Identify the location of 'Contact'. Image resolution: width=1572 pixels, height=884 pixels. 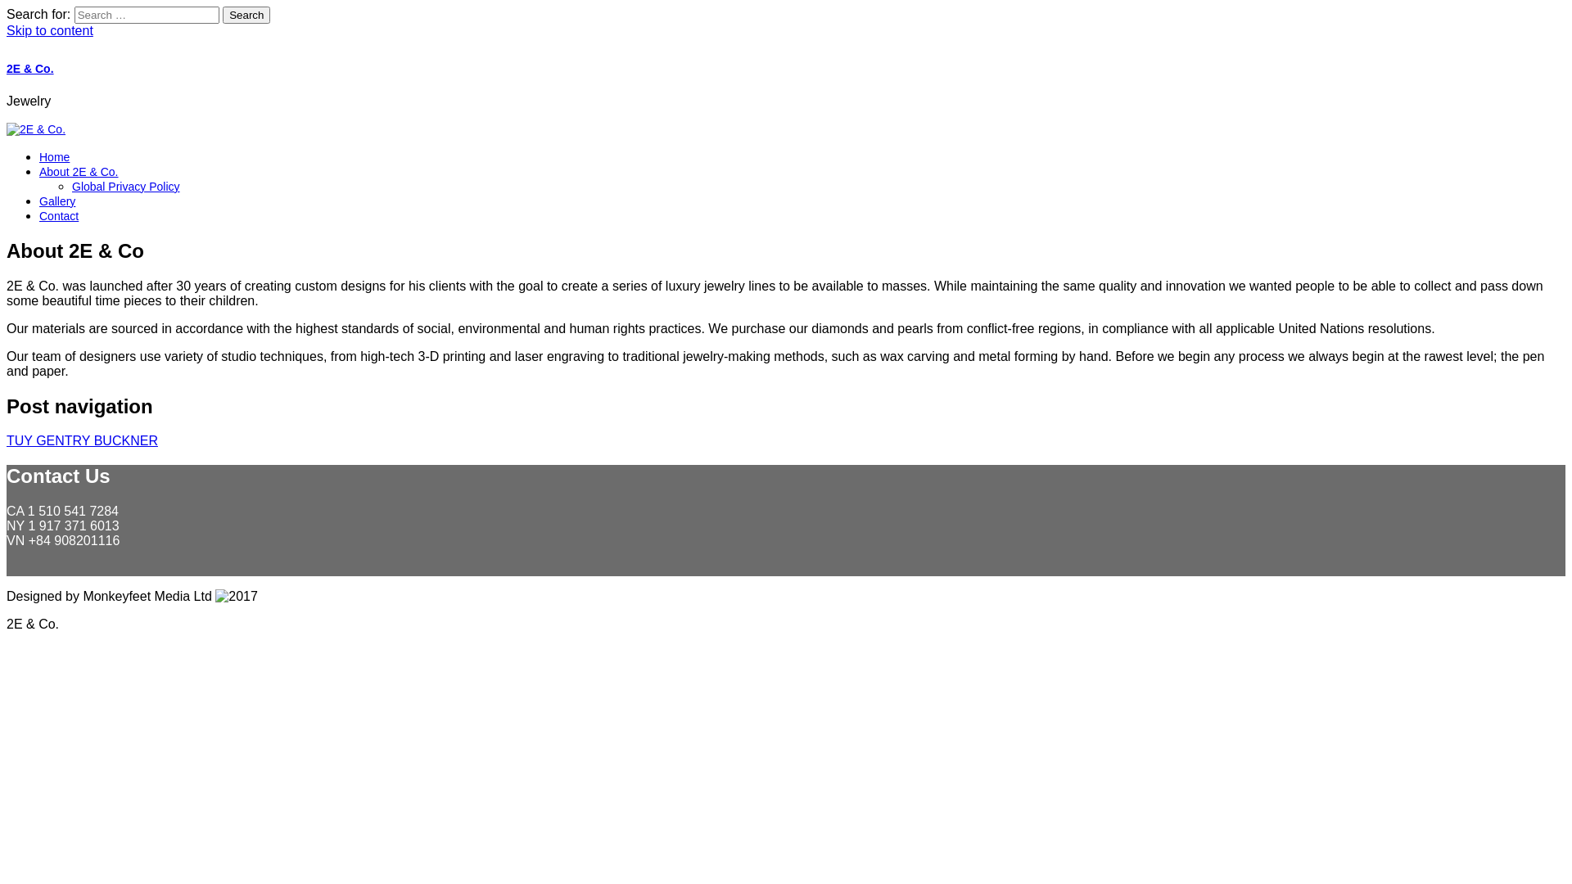
(59, 214).